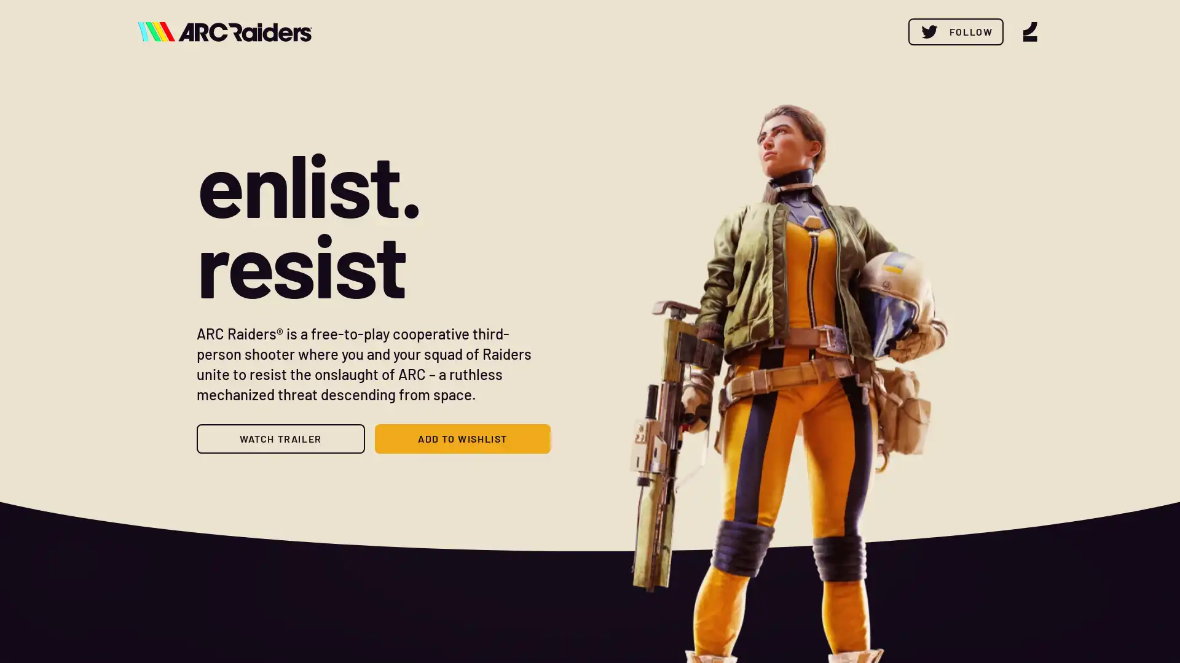  I want to click on WATCH TRAILER, so click(280, 437).